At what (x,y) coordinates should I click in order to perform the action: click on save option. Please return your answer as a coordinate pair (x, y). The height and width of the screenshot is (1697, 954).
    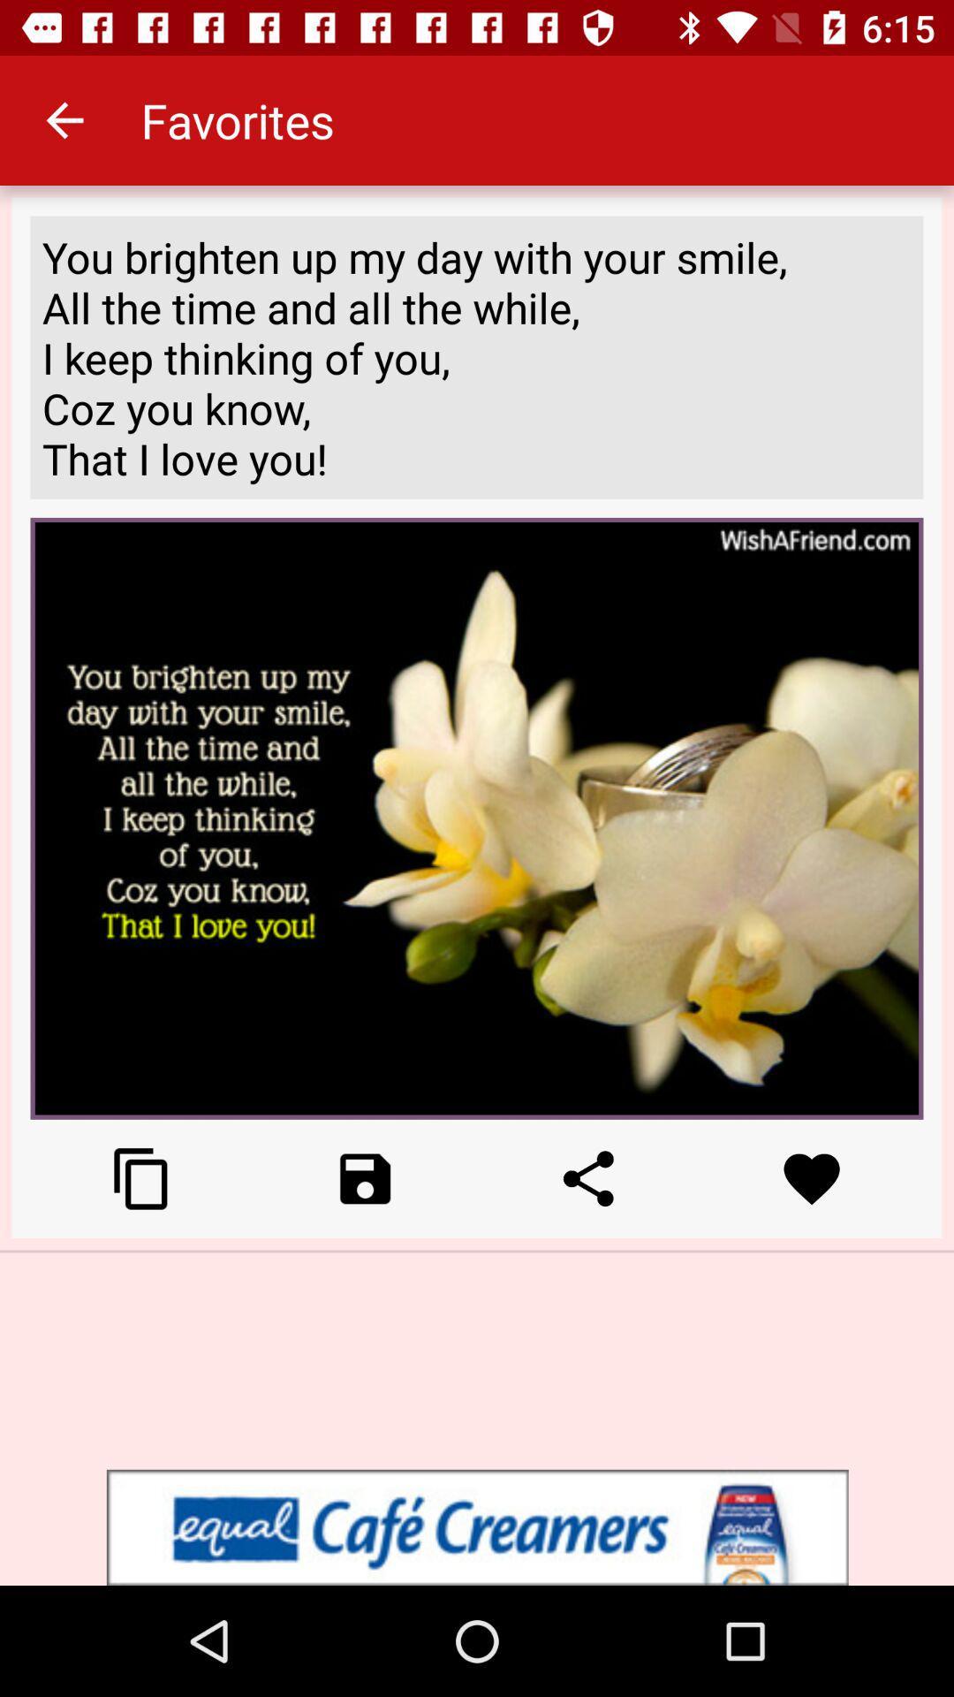
    Looking at the image, I should click on (364, 1178).